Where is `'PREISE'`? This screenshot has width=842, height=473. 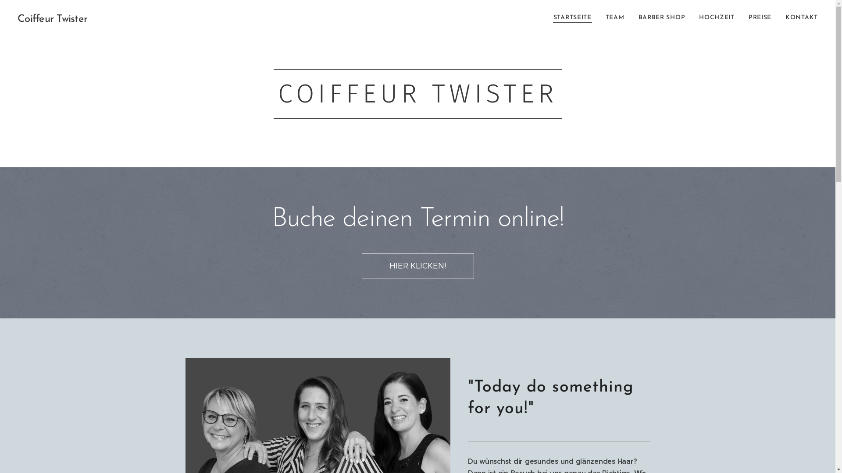 'PREISE' is located at coordinates (759, 18).